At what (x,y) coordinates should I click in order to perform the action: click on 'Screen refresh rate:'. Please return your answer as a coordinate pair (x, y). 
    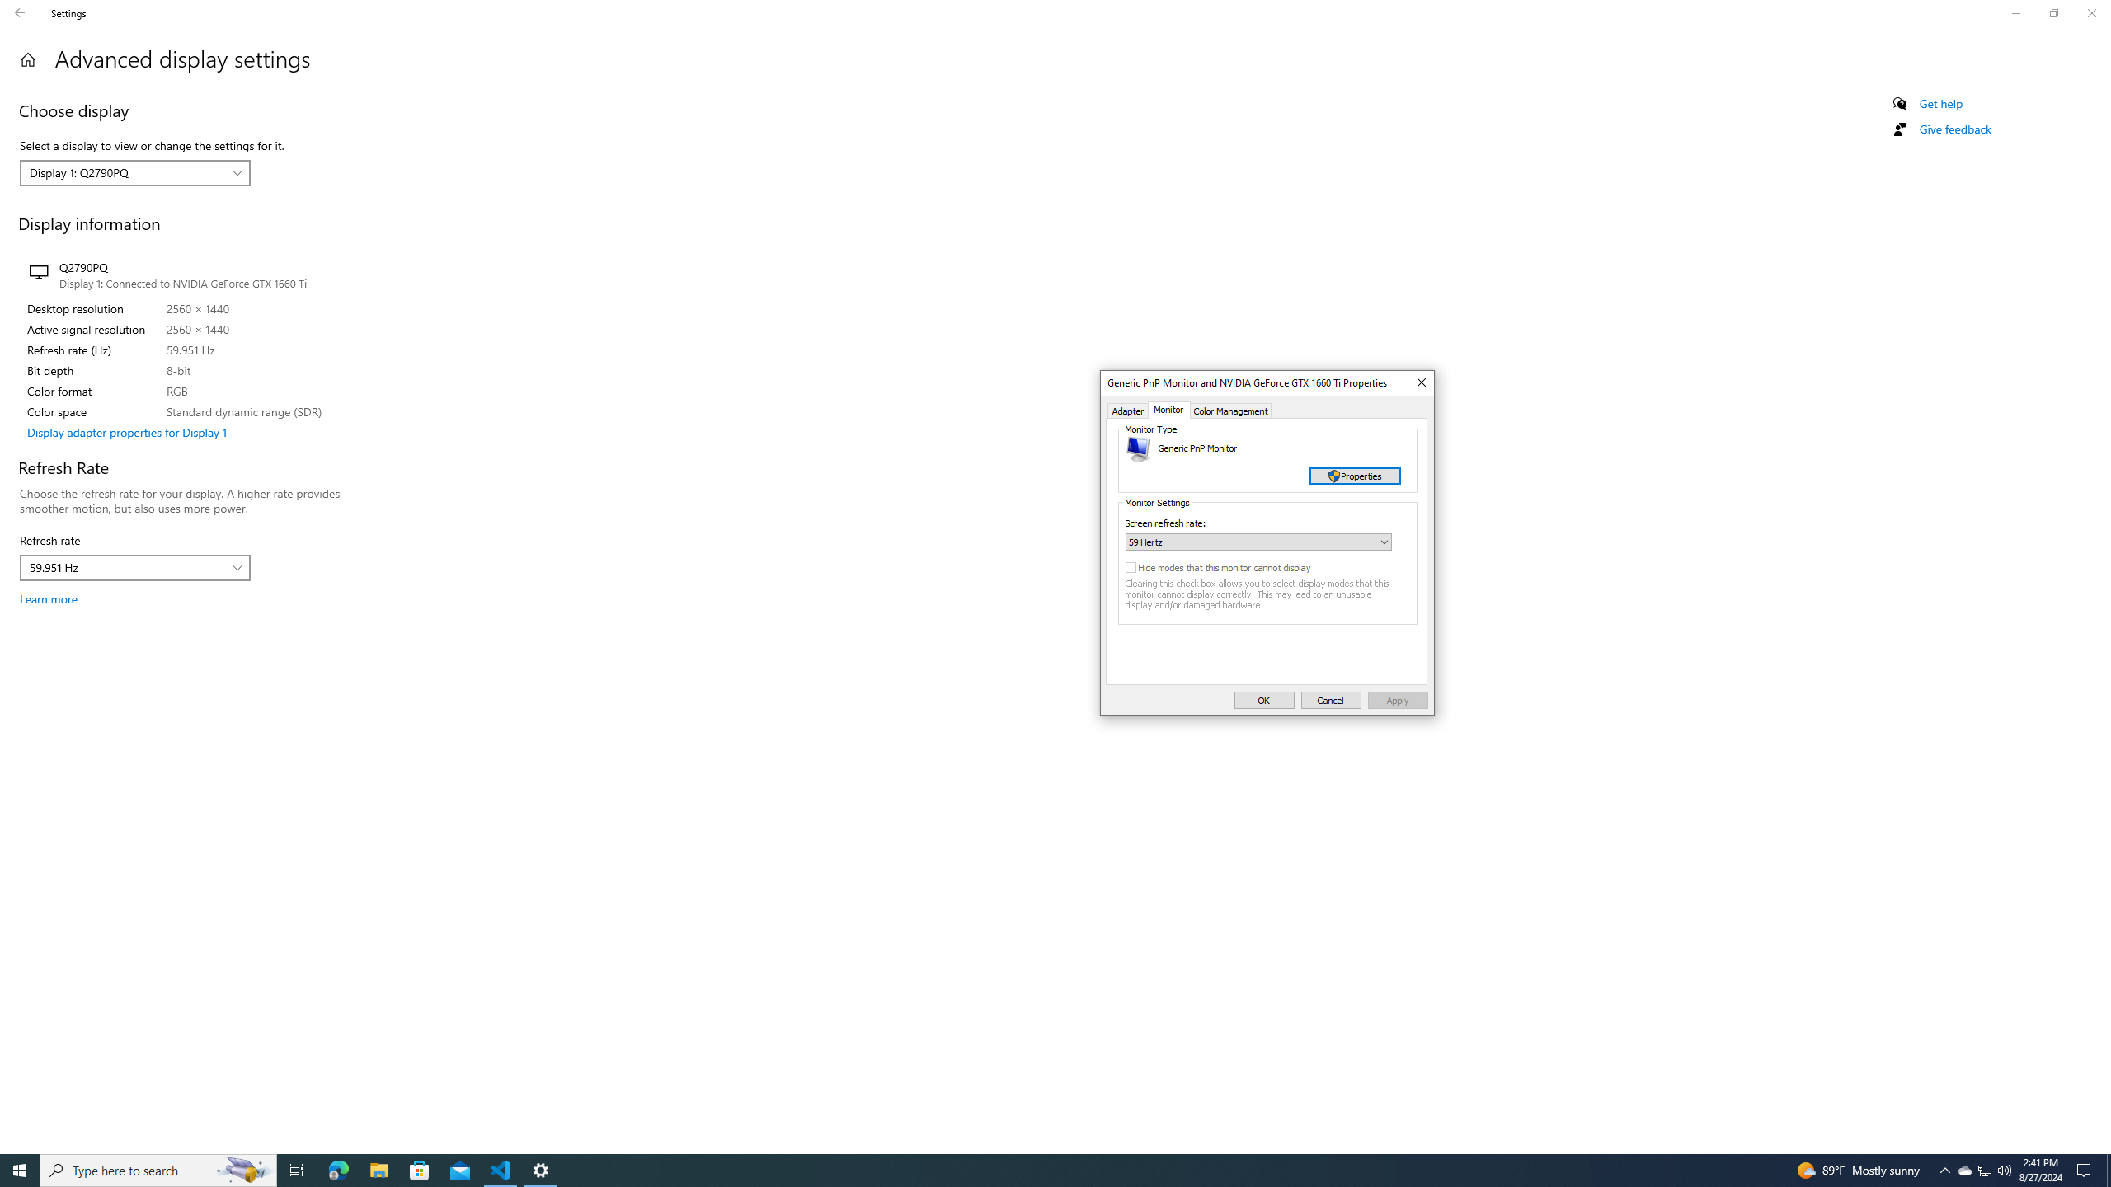
    Looking at the image, I should click on (1257, 541).